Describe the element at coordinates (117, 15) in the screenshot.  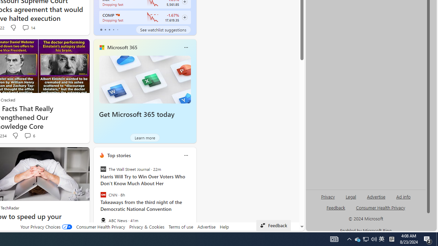
I see `'NASDAQ'` at that location.